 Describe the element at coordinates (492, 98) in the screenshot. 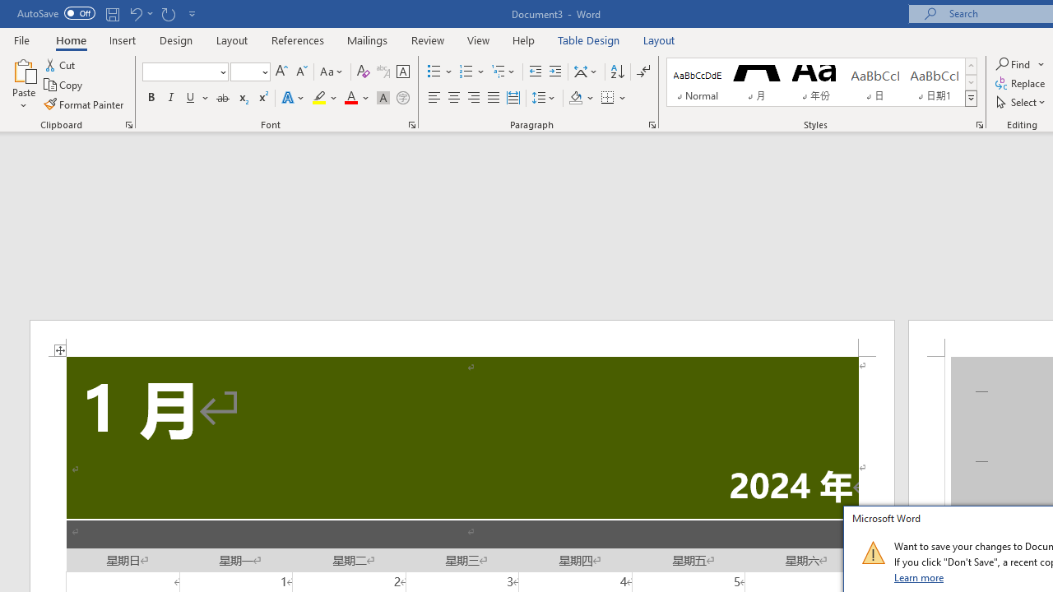

I see `'Justify'` at that location.